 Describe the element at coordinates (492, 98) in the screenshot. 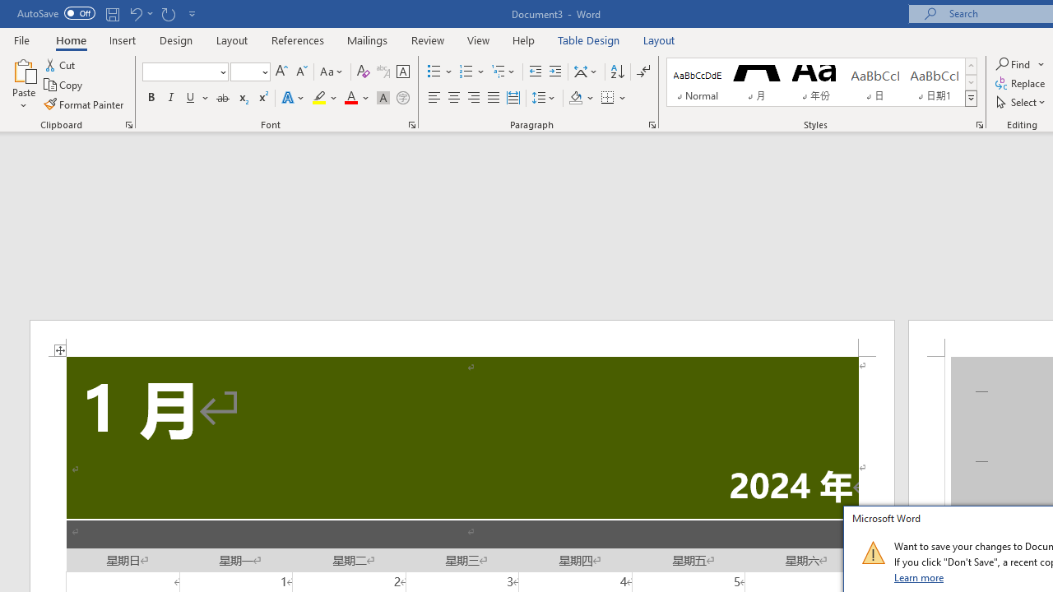

I see `'Justify'` at that location.